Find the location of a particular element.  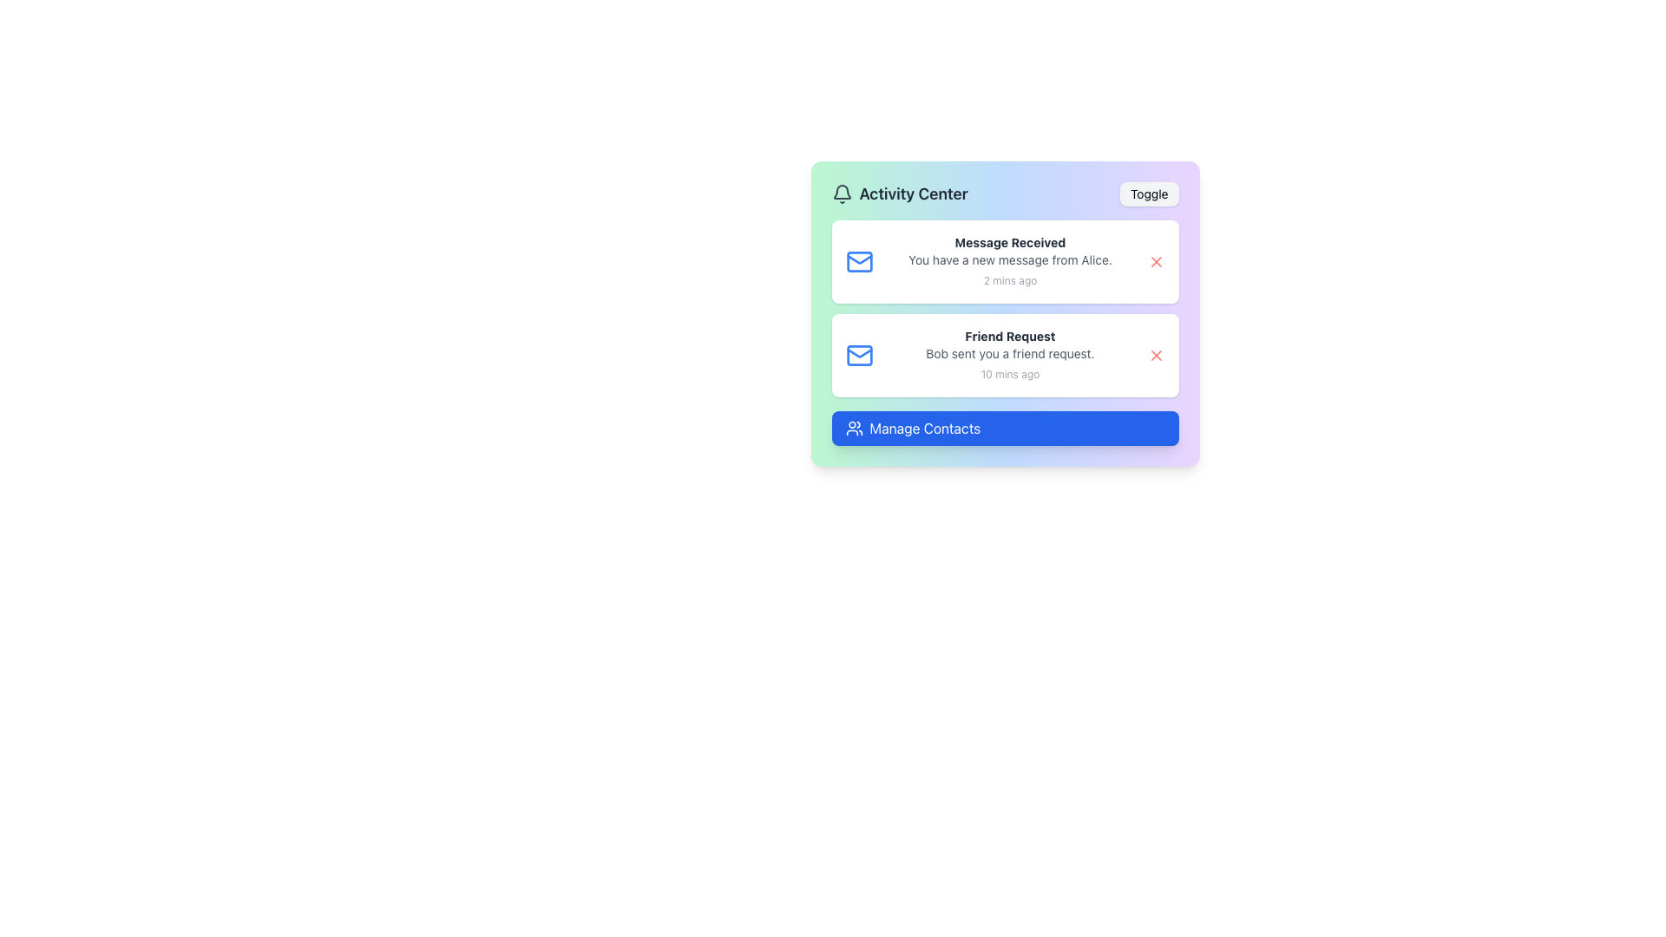

the message notification icon that indicates a received message, positioned to the left of the text 'Message Received' and 'You have a new message from Alice.' is located at coordinates (859, 261).